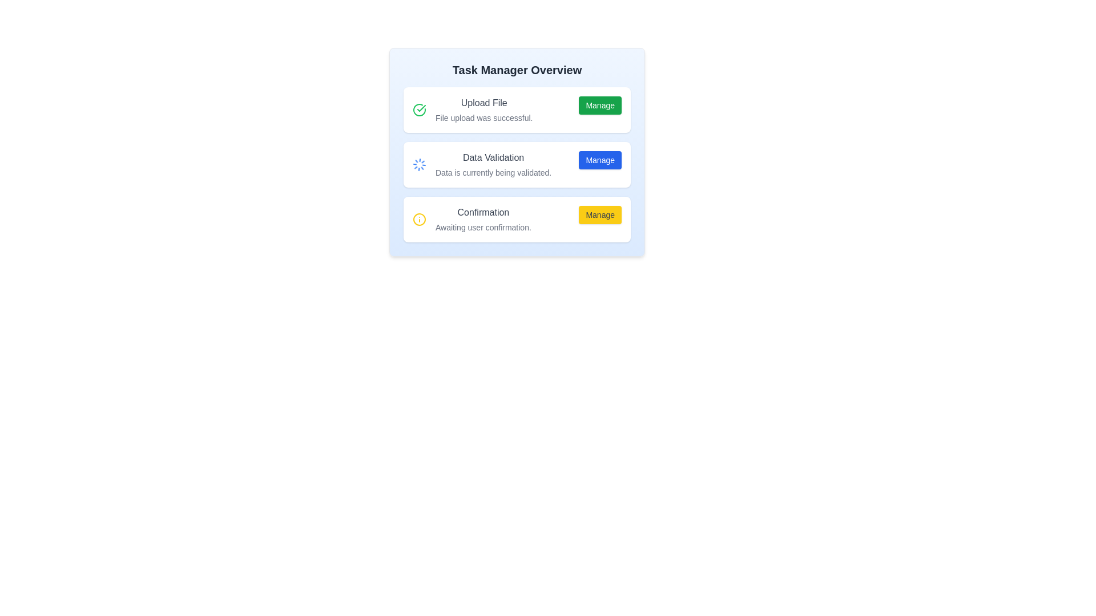 This screenshot has height=616, width=1096. I want to click on the informational or warning icon located to the left of the text 'Confirmation' in the third row of the task list, so click(418, 220).